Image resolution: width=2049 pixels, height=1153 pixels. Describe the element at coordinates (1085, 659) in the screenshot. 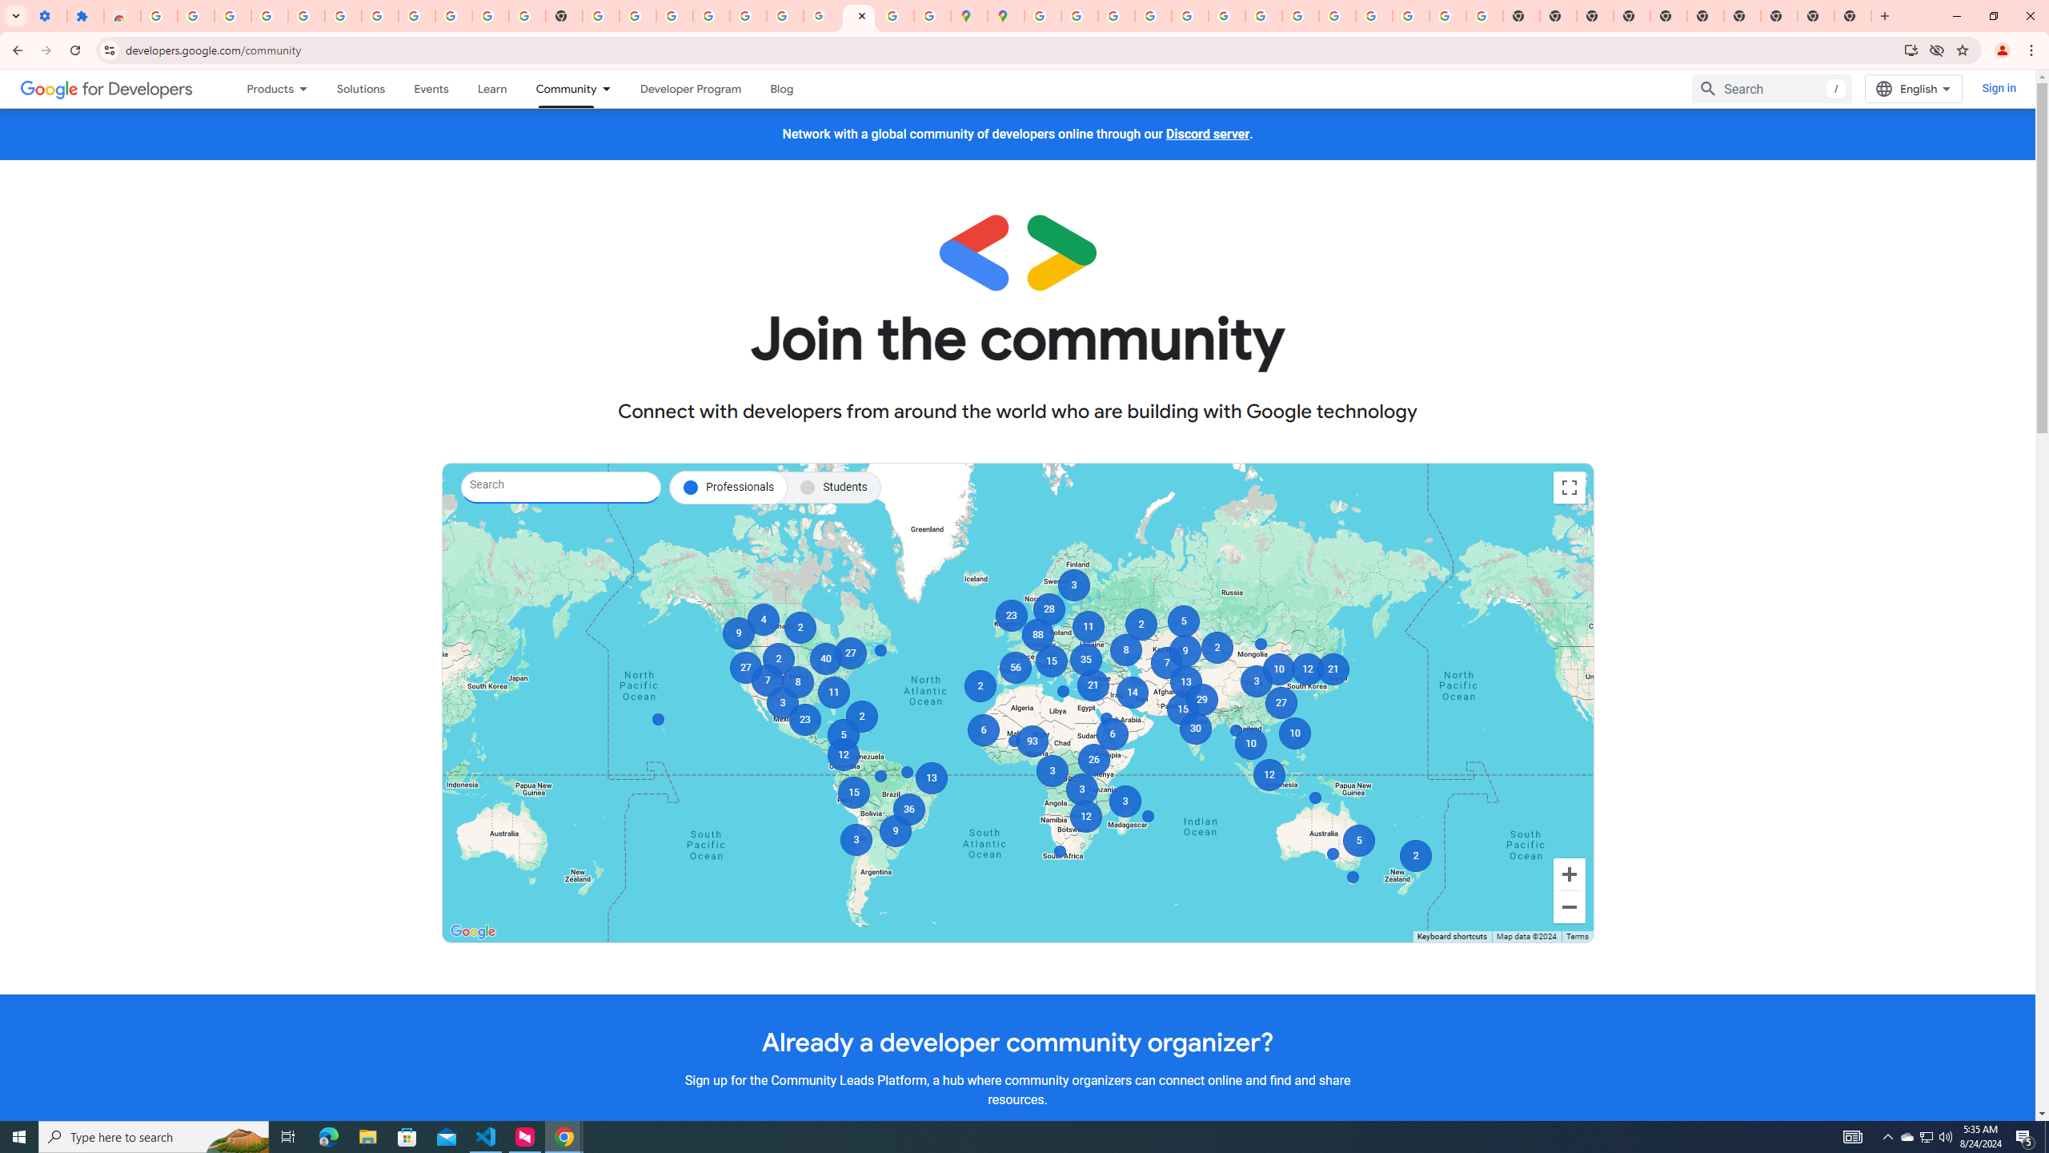

I see `'35'` at that location.